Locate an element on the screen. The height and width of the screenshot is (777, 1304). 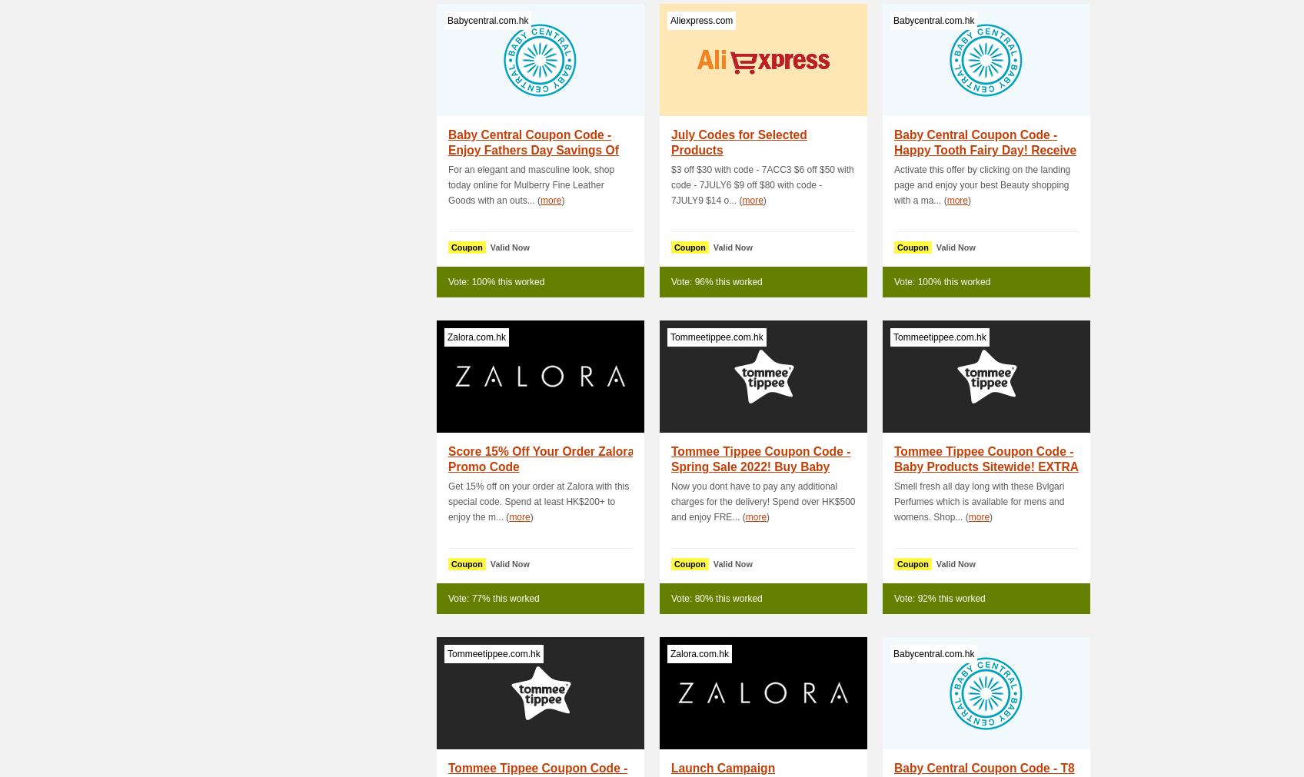
'Baby Central Coupon Code - Happy Tooth Fairy Day! Receive 15% Savin.' is located at coordinates (893, 150).